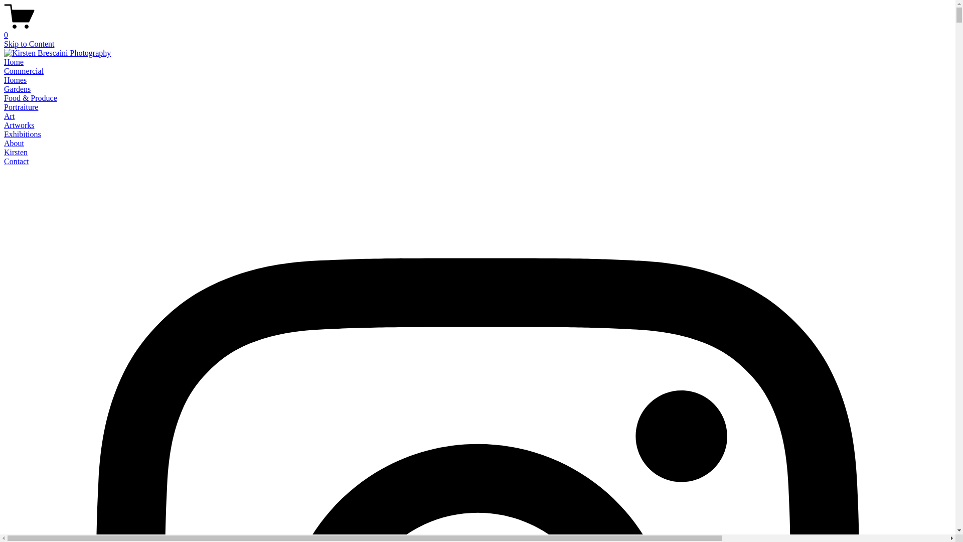 The height and width of the screenshot is (542, 963). What do you see at coordinates (15, 79) in the screenshot?
I see `'Homes'` at bounding box center [15, 79].